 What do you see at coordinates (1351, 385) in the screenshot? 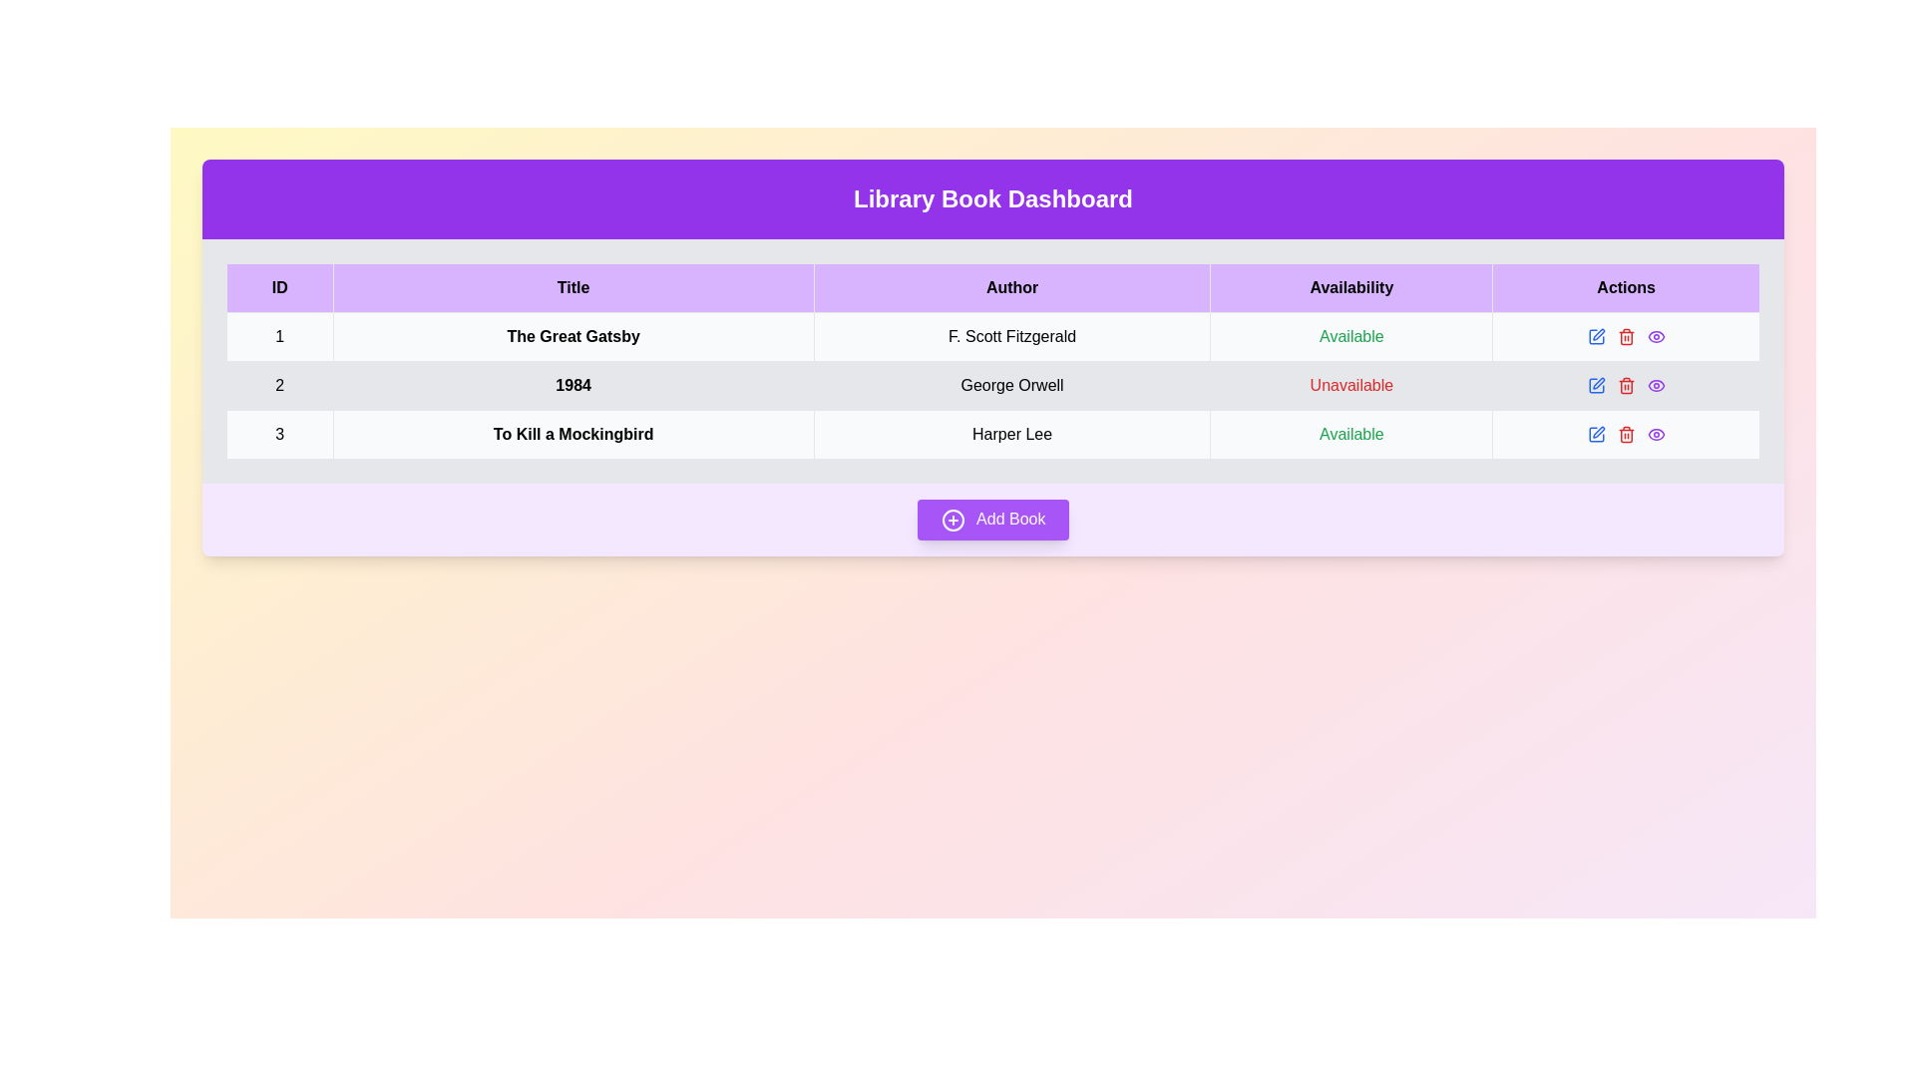
I see `the static text label indicating the availability status of the book '1984' which is marked as 'Unavailable'` at bounding box center [1351, 385].